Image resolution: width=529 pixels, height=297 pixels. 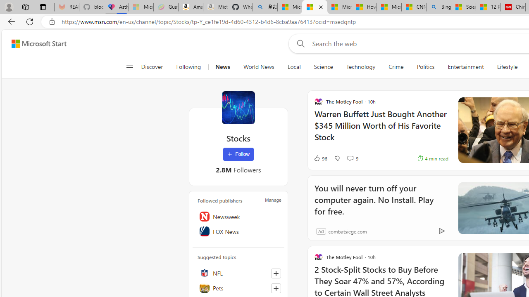 I want to click on 'Manage', so click(x=273, y=200).